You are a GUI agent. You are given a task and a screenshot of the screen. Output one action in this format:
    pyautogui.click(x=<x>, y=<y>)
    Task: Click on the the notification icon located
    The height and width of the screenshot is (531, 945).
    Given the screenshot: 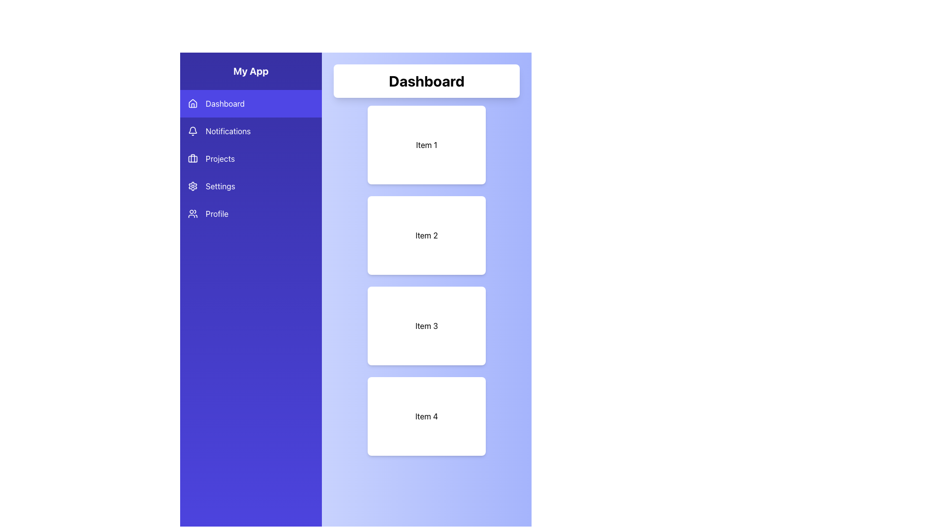 What is the action you would take?
    pyautogui.click(x=193, y=129)
    